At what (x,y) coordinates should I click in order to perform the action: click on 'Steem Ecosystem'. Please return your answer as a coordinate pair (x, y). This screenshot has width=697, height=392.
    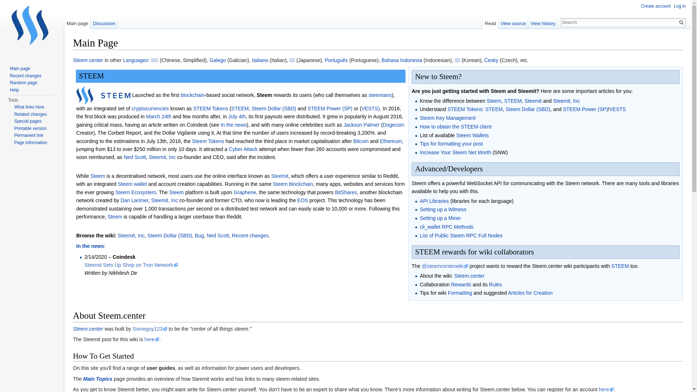
    Looking at the image, I should click on (135, 192).